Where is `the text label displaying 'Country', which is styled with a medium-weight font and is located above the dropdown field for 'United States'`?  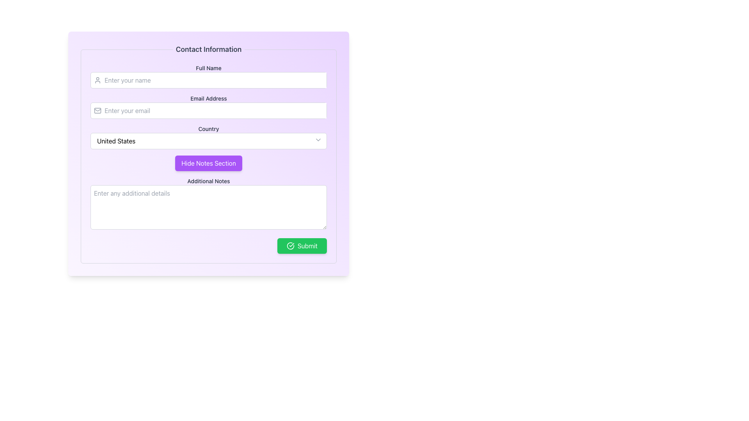 the text label displaying 'Country', which is styled with a medium-weight font and is located above the dropdown field for 'United States' is located at coordinates (208, 129).